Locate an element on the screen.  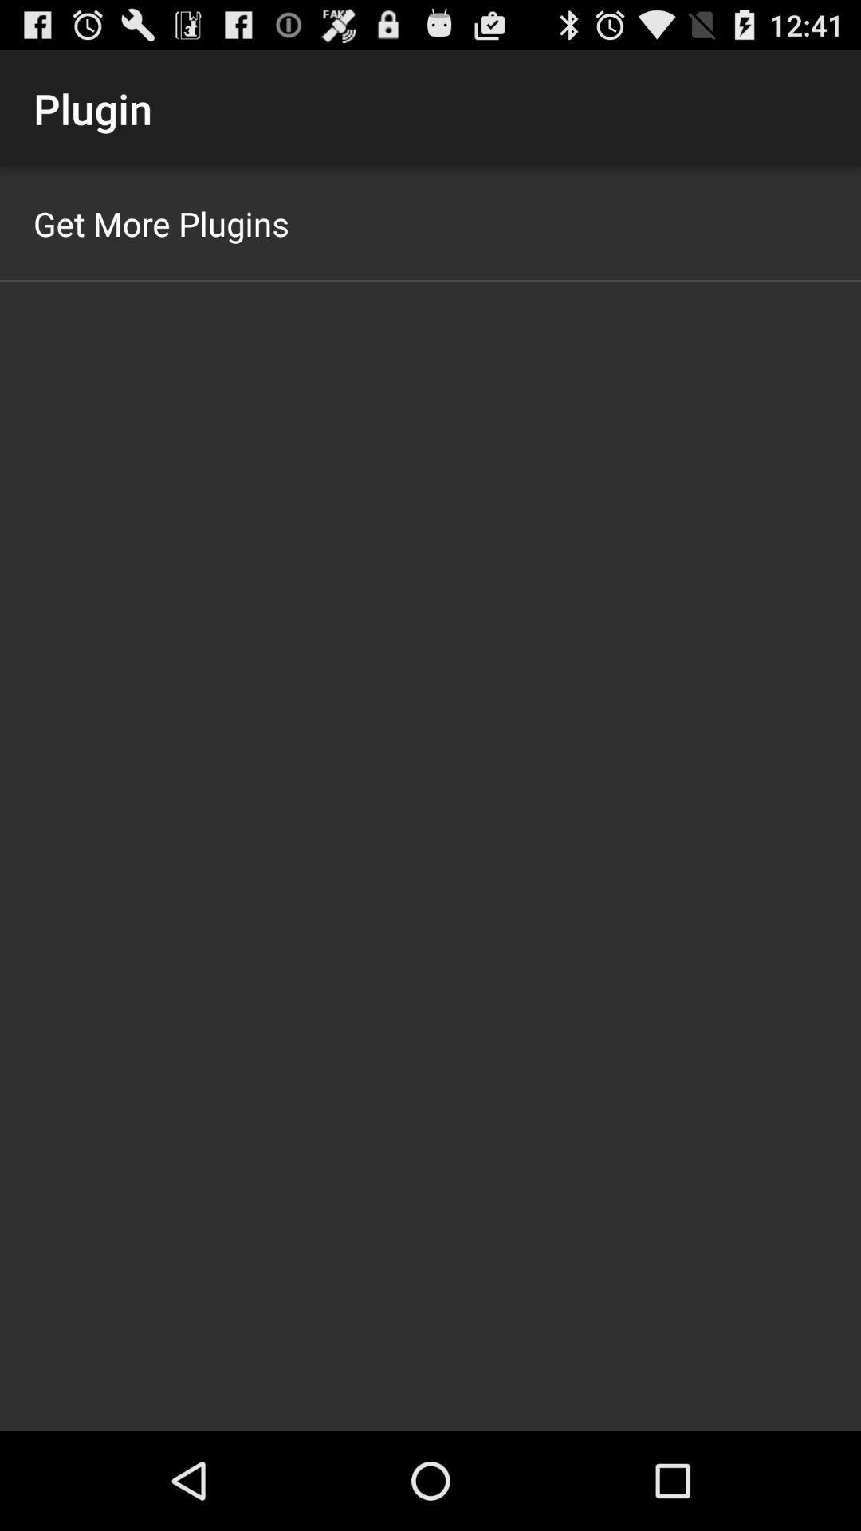
get more plugins item is located at coordinates (161, 222).